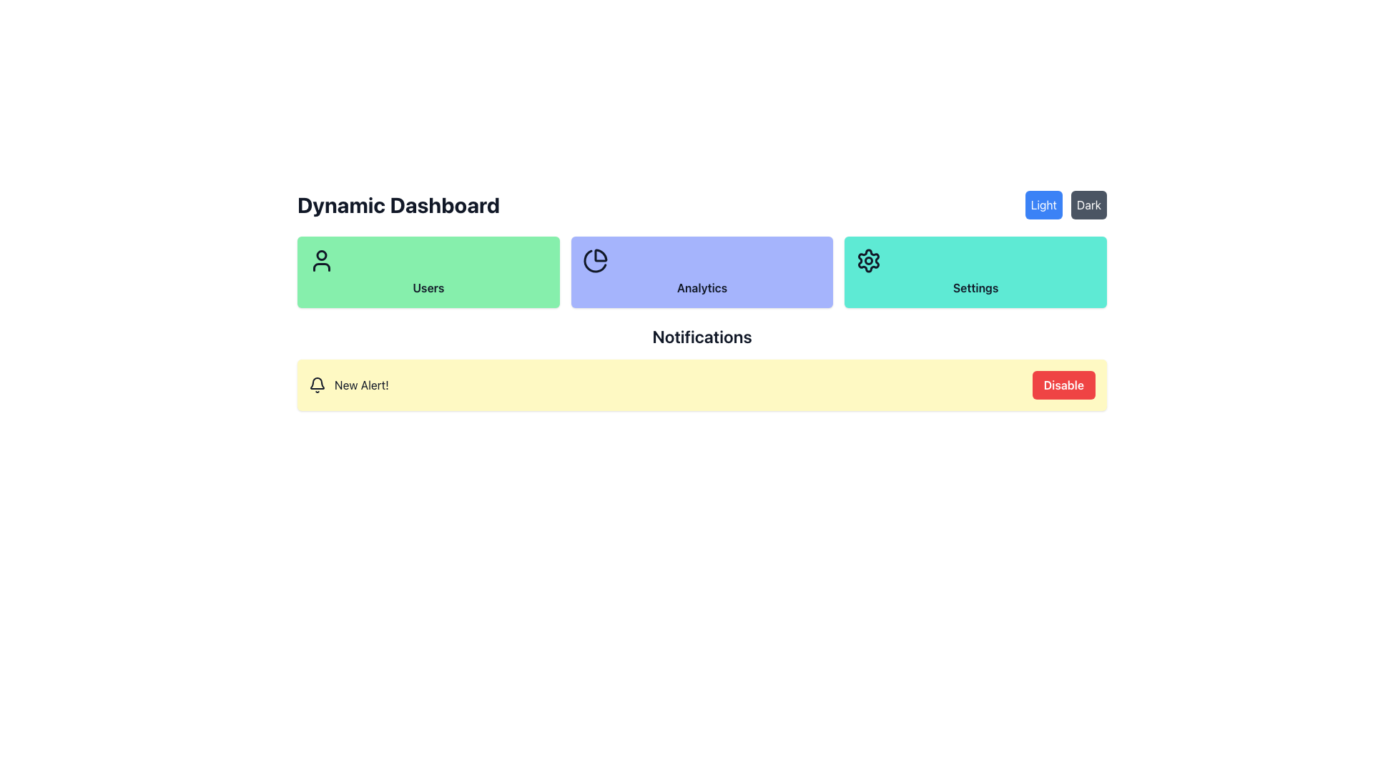  Describe the element at coordinates (321, 261) in the screenshot. I see `the user profile icon displayed in a rounded line art style with a circular head and semi-circular shoulder outline, located within the green background box labeled 'Users'` at that location.